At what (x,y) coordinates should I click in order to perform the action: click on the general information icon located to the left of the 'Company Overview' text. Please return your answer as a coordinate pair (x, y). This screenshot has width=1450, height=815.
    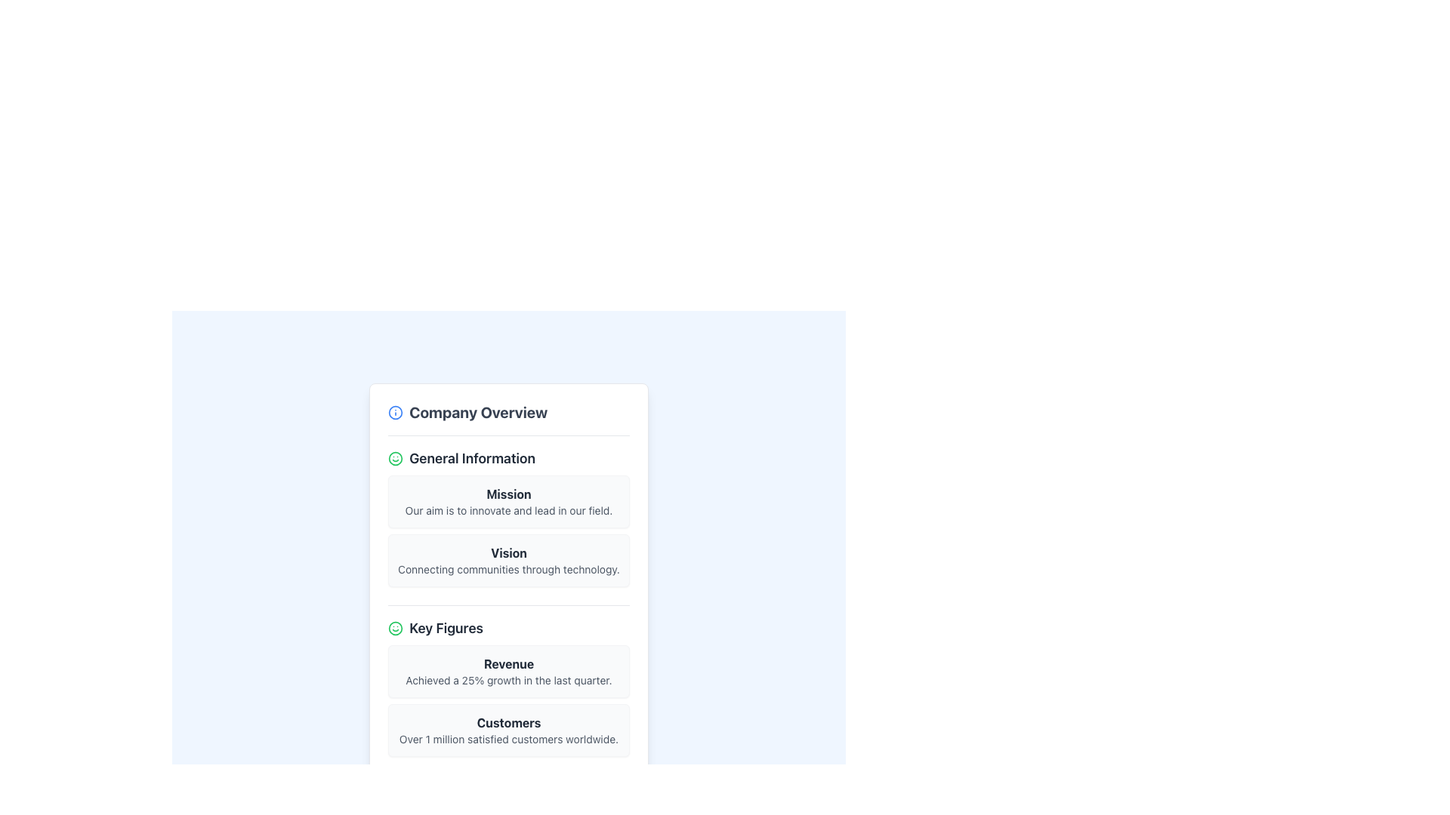
    Looking at the image, I should click on (396, 413).